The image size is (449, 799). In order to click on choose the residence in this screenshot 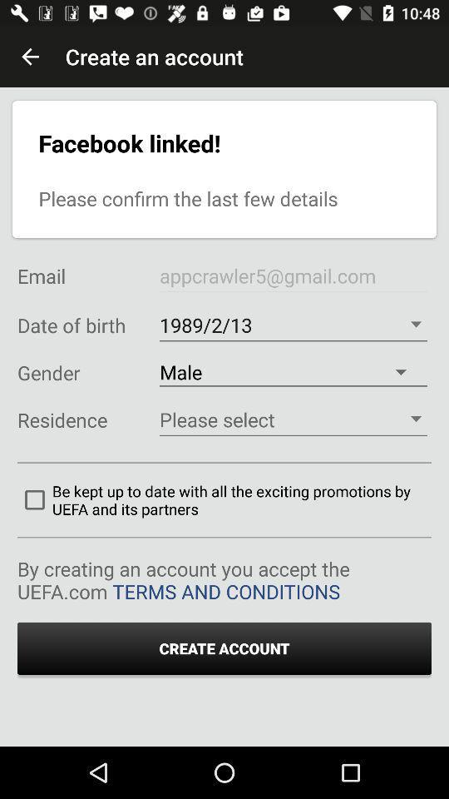, I will do `click(292, 419)`.